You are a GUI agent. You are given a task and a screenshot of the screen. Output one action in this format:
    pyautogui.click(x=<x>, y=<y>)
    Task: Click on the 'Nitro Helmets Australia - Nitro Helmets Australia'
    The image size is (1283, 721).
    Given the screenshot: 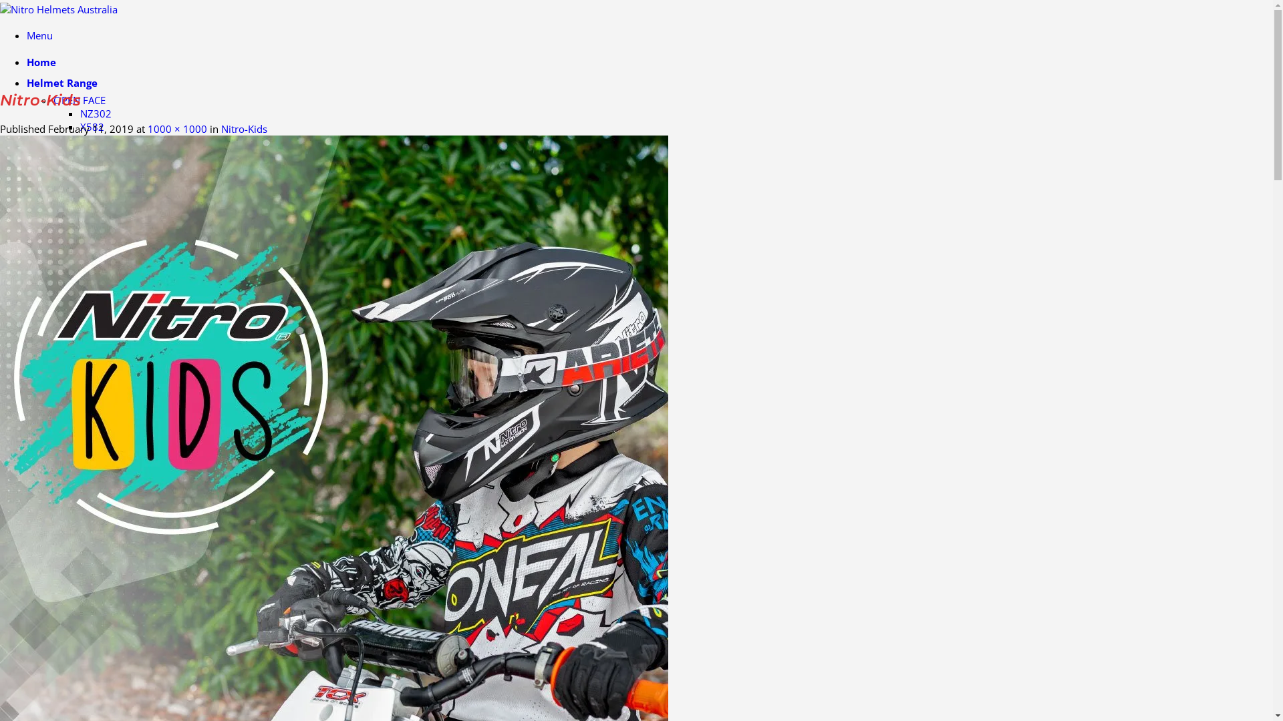 What is the action you would take?
    pyautogui.click(x=59, y=9)
    